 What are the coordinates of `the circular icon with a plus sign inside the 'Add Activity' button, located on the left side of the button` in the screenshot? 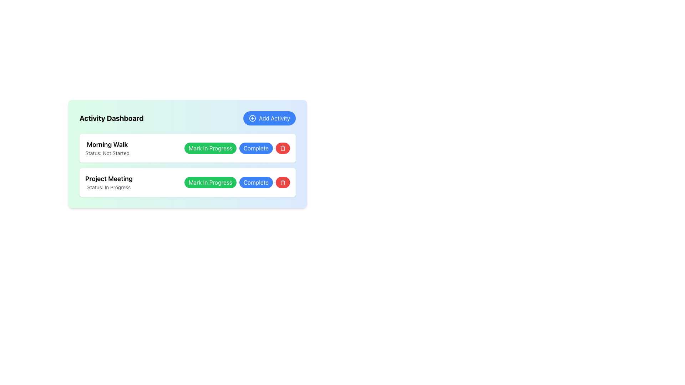 It's located at (252, 118).